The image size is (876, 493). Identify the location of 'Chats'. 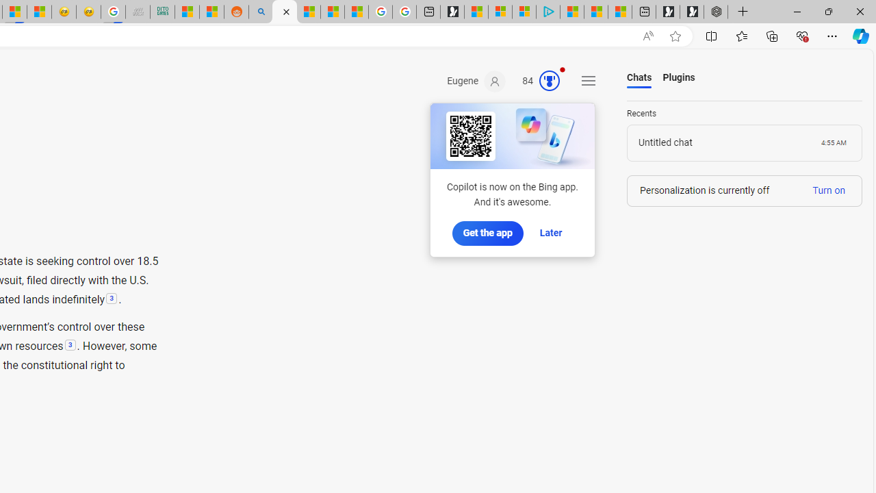
(639, 78).